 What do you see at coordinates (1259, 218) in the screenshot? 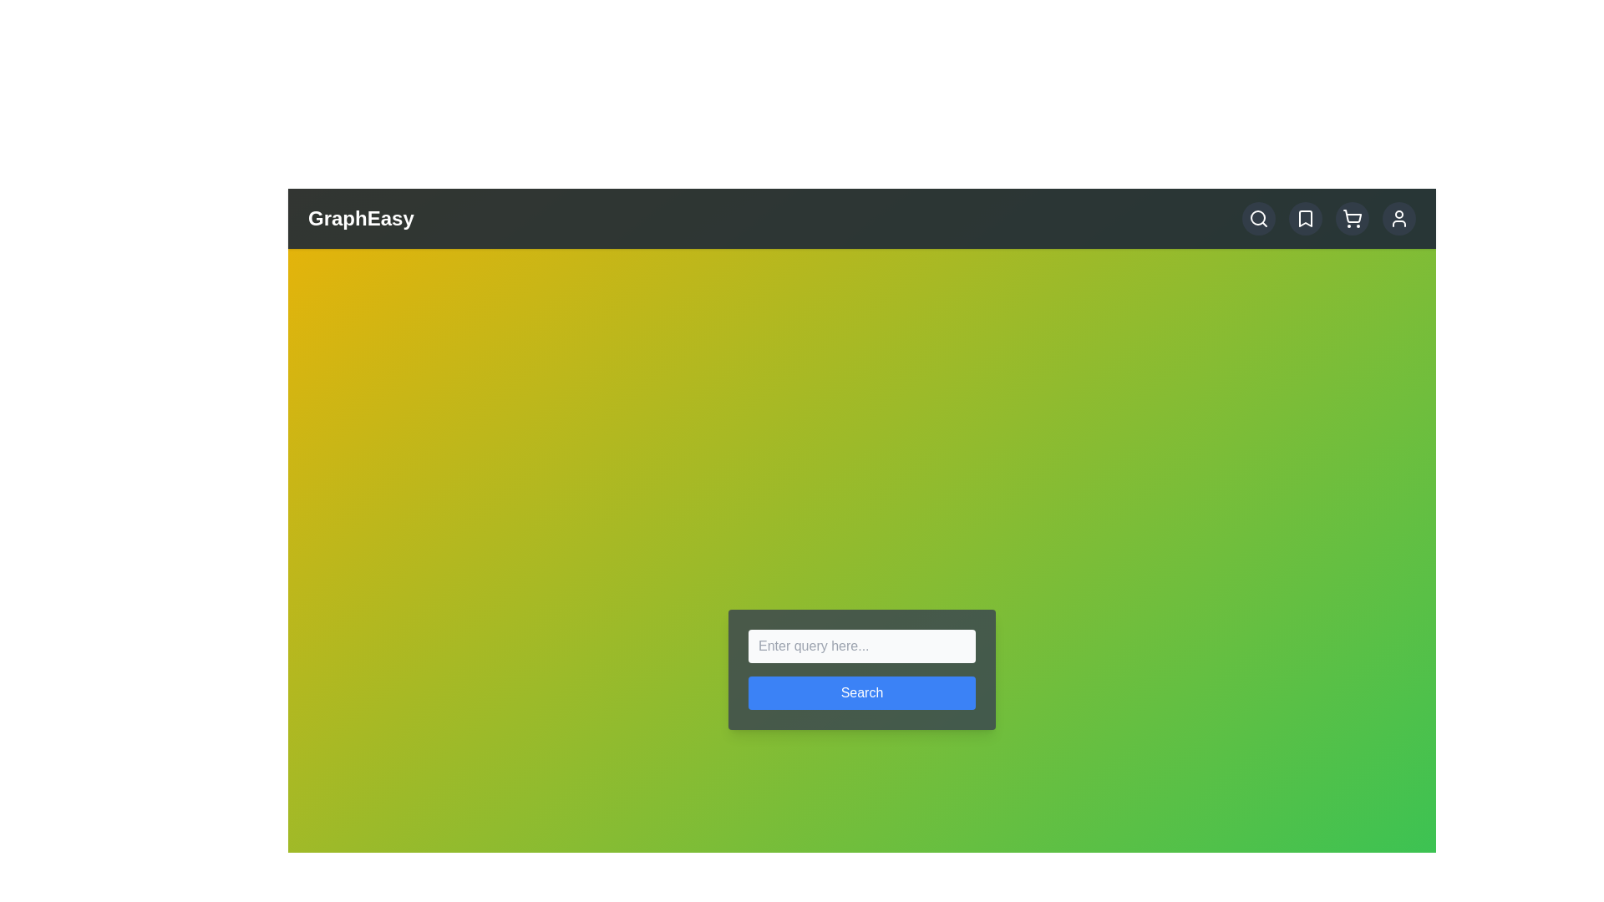
I see `the search icon in the navigation bar to toggle the visibility of the search dialog` at bounding box center [1259, 218].